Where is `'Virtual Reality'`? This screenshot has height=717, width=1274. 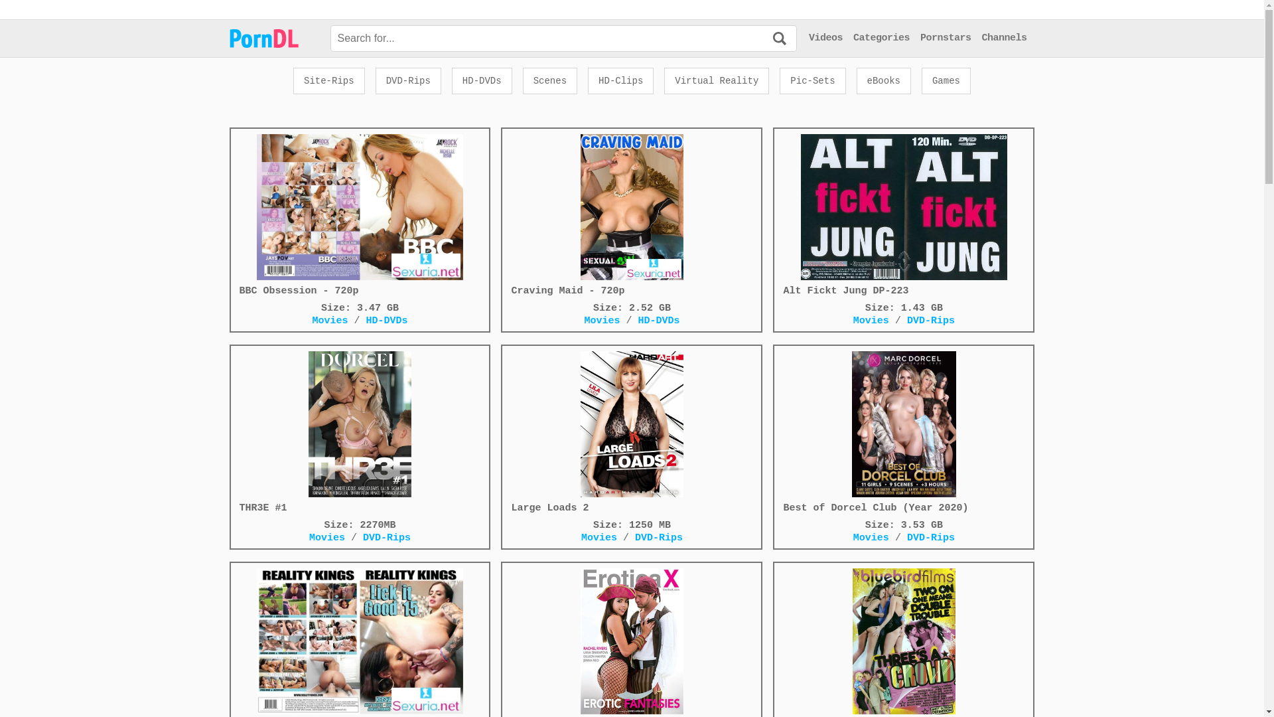
'Virtual Reality' is located at coordinates (716, 81).